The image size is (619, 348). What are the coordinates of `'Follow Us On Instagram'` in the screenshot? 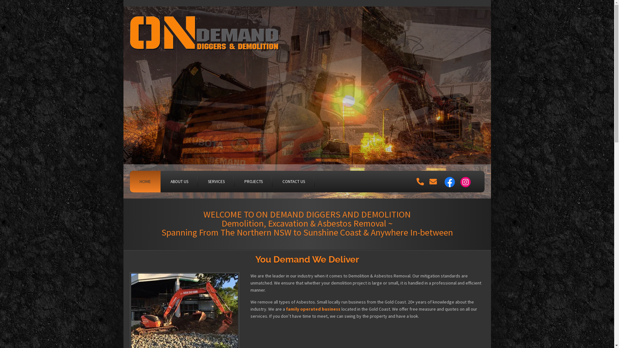 It's located at (466, 182).